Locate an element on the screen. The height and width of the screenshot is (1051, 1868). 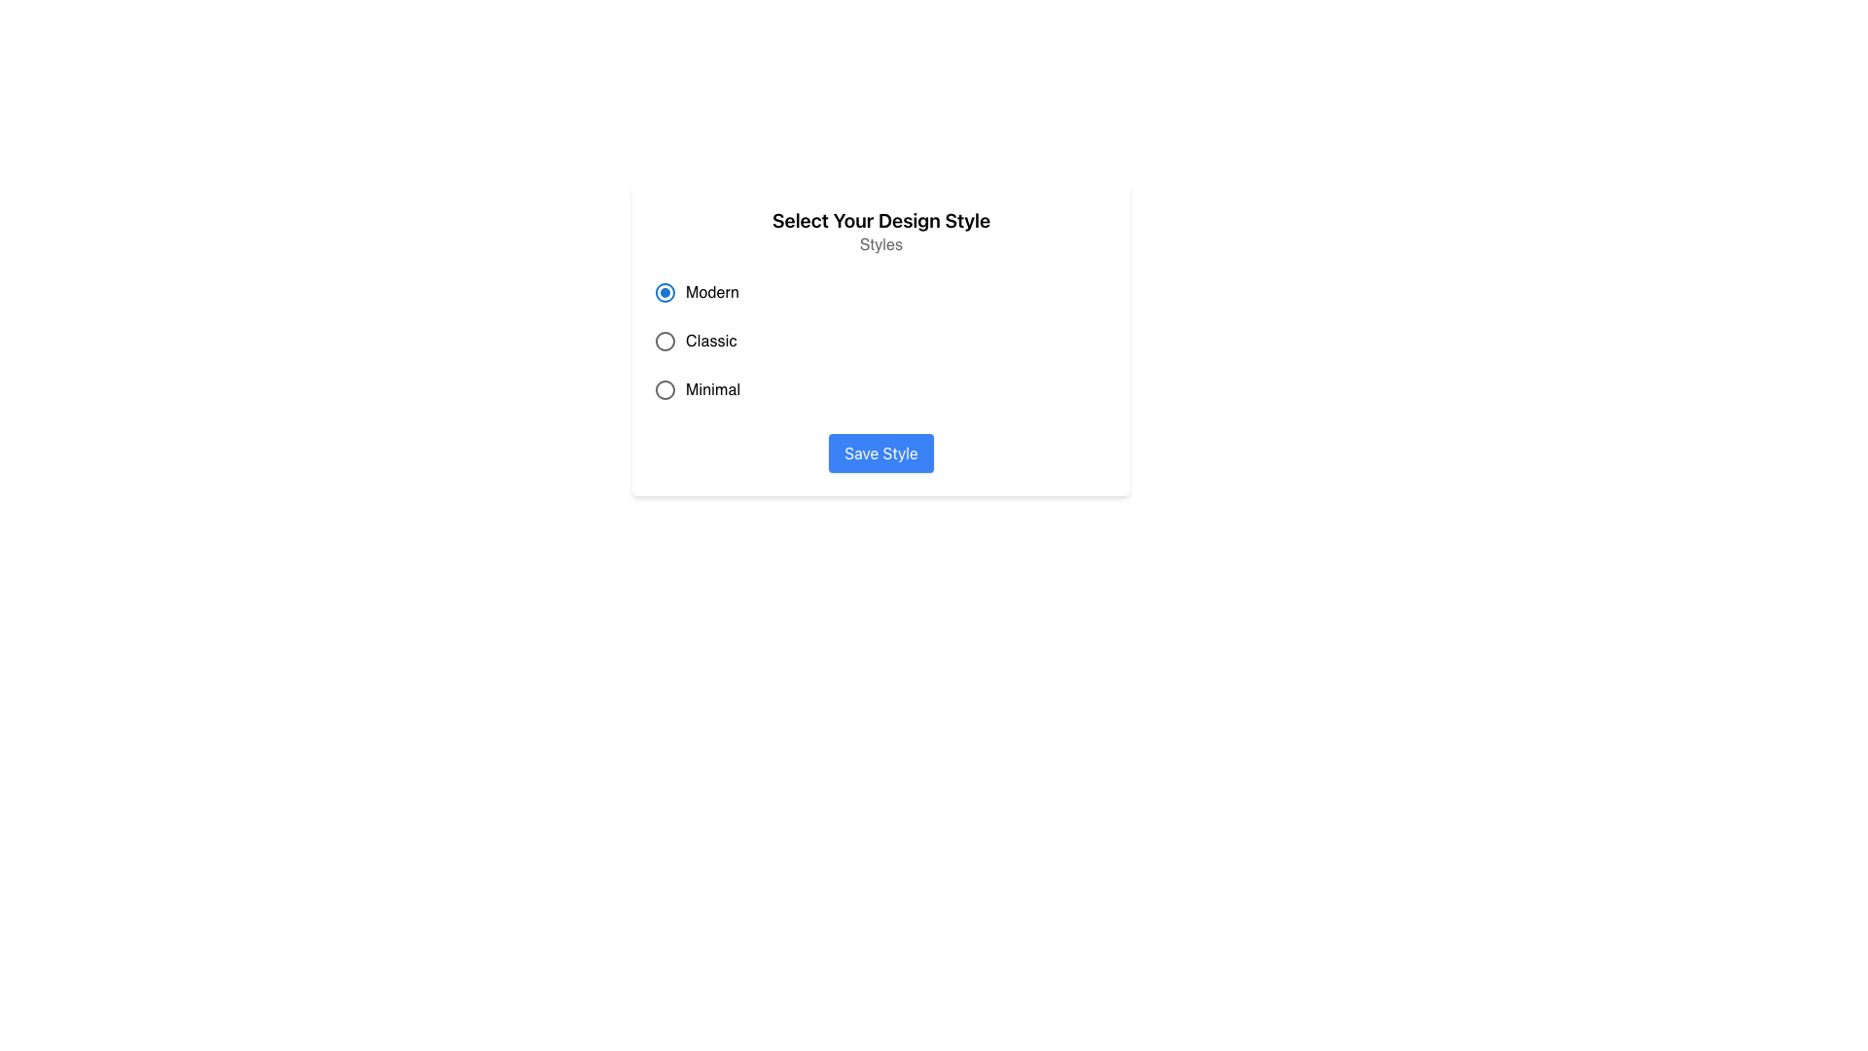
the 'Modern' radio button is located at coordinates (665, 292).